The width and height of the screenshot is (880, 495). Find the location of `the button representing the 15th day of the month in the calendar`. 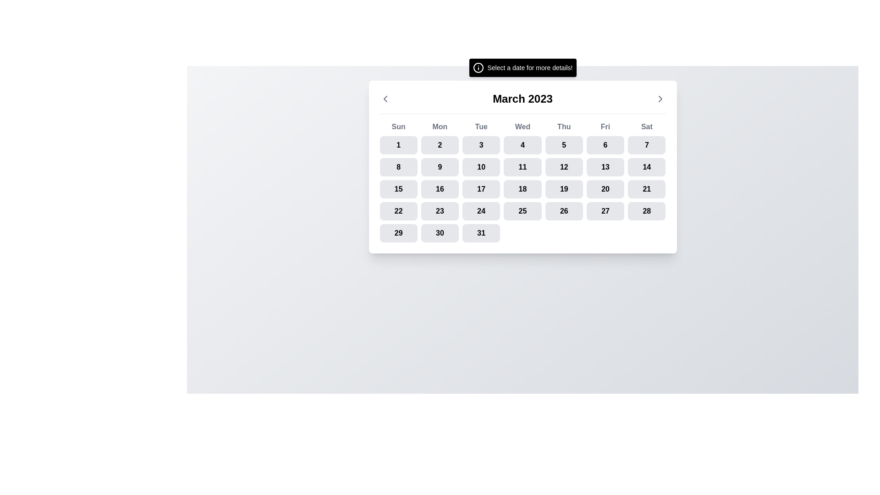

the button representing the 15th day of the month in the calendar is located at coordinates (398, 188).